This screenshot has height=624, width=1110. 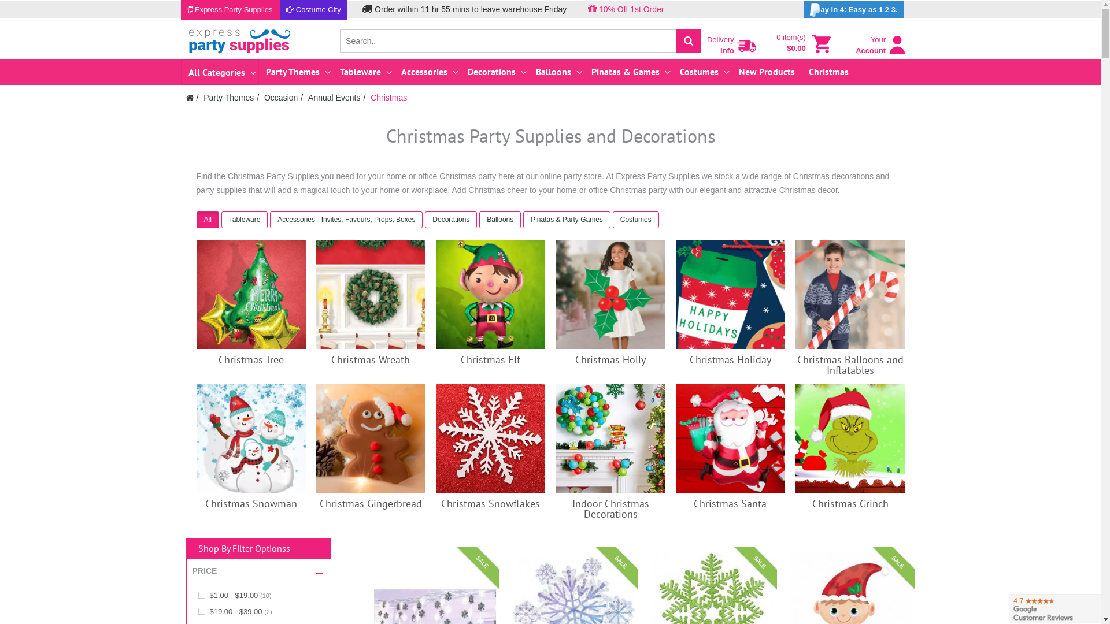 I want to click on 'New Products', so click(x=766, y=71).